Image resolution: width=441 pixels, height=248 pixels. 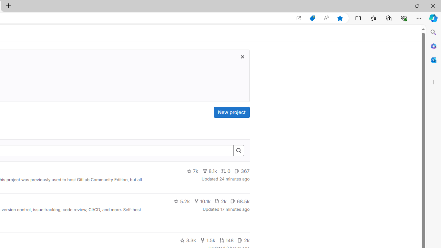 I want to click on '148', so click(x=226, y=240).